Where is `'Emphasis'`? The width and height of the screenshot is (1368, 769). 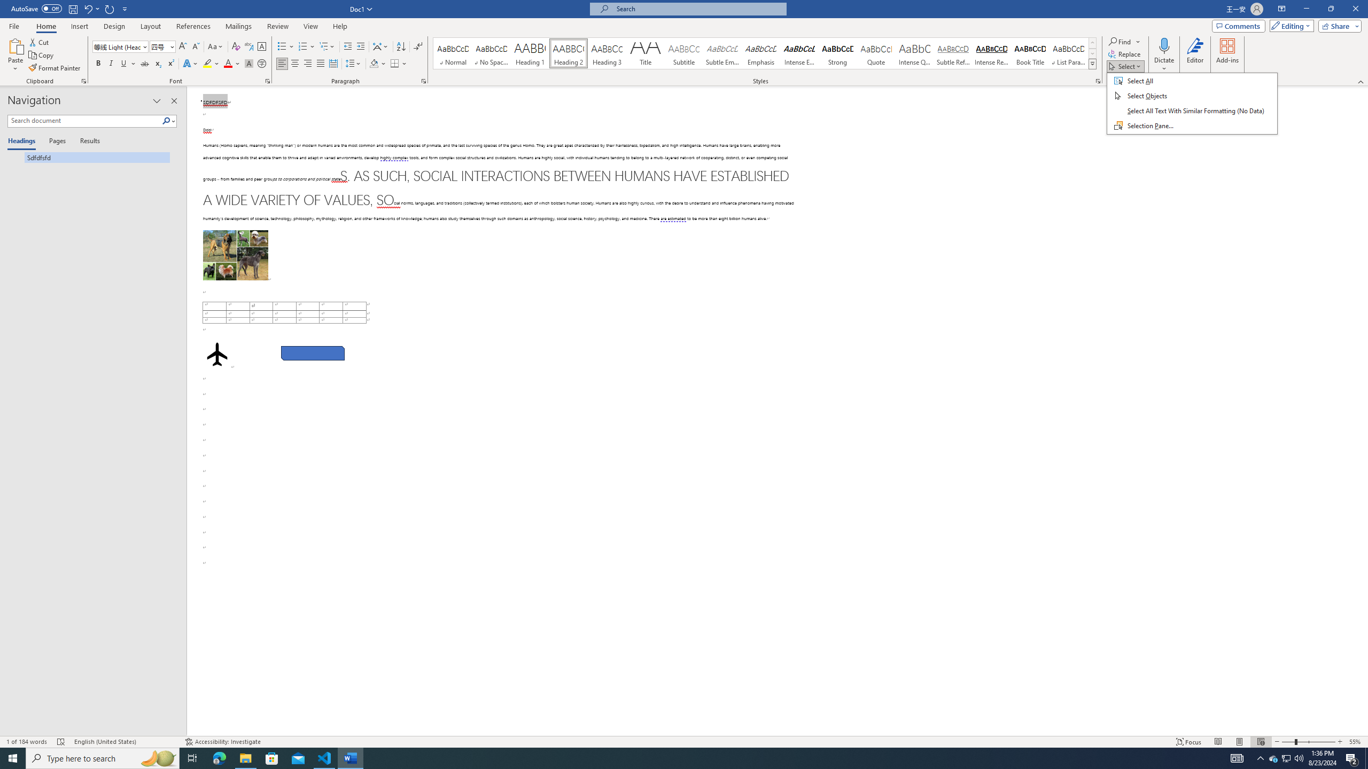 'Emphasis' is located at coordinates (760, 53).